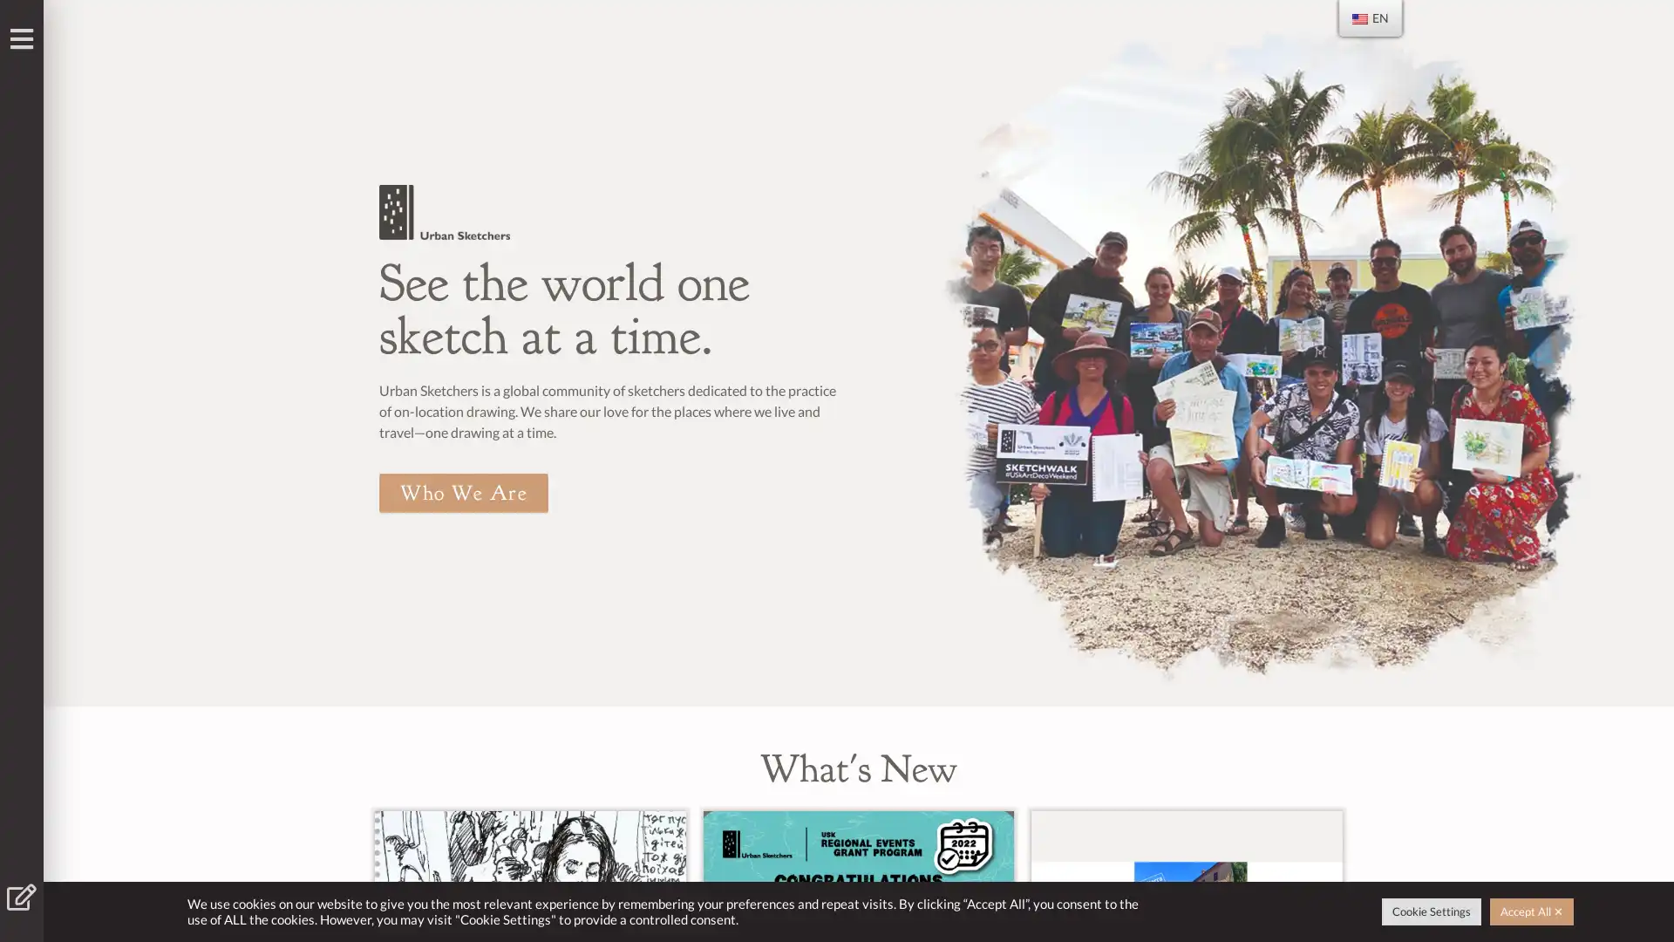 This screenshot has width=1674, height=942. I want to click on Go to slide 2, so click(1273, 669).